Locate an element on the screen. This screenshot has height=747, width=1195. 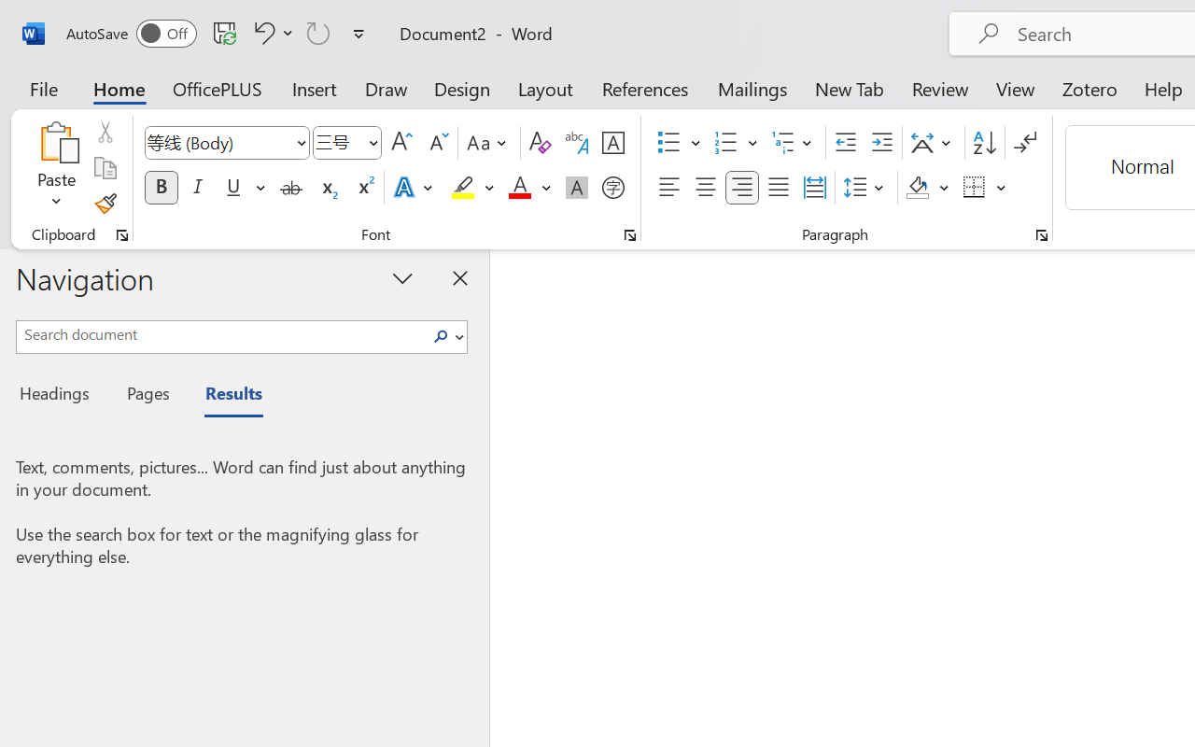
'Search document' is located at coordinates (221, 334).